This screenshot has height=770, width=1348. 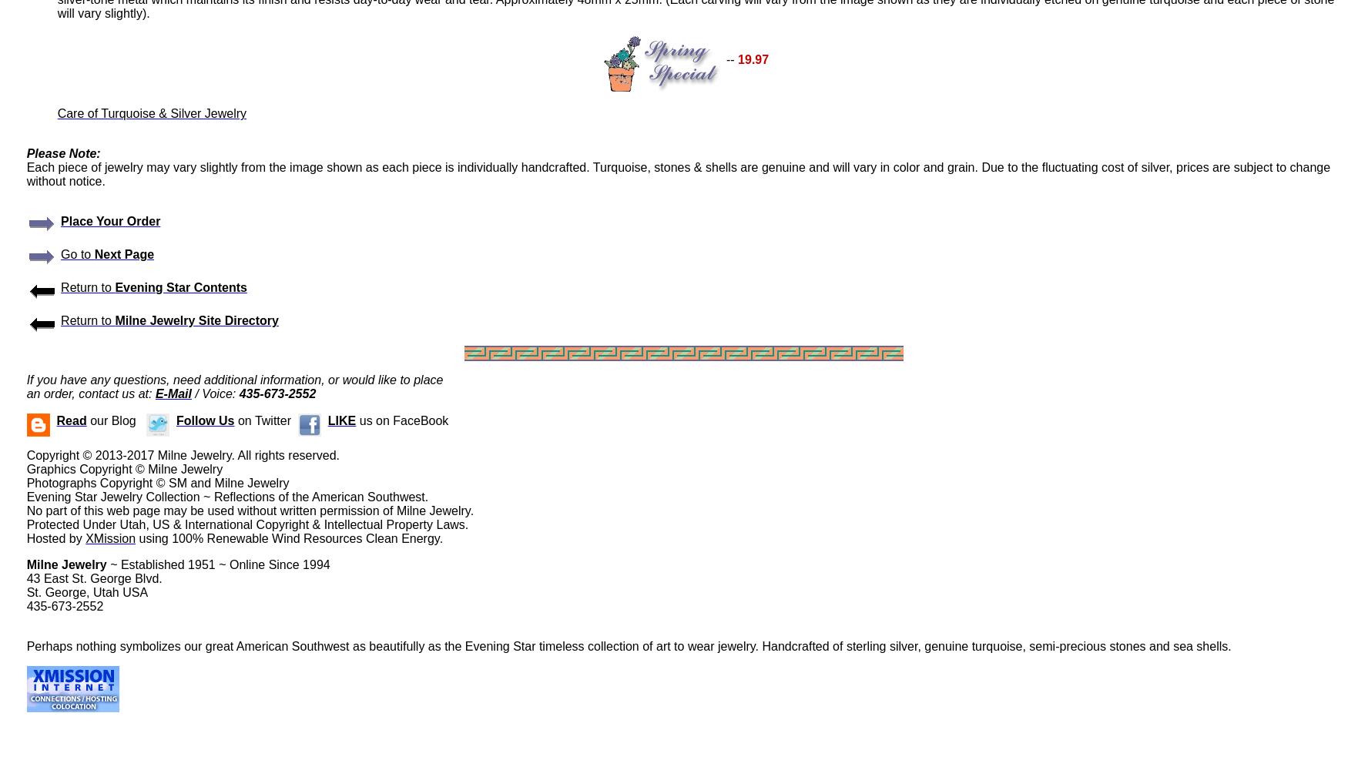 What do you see at coordinates (729, 59) in the screenshot?
I see `'--'` at bounding box center [729, 59].